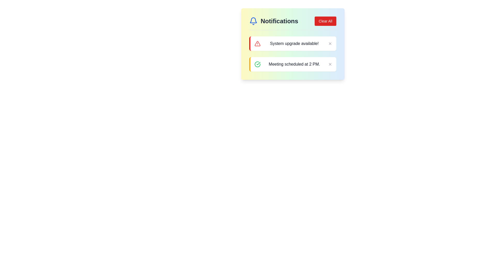 The image size is (496, 279). I want to click on displayed alert message from the notification bar that shows 'System upgrade available!', so click(293, 43).